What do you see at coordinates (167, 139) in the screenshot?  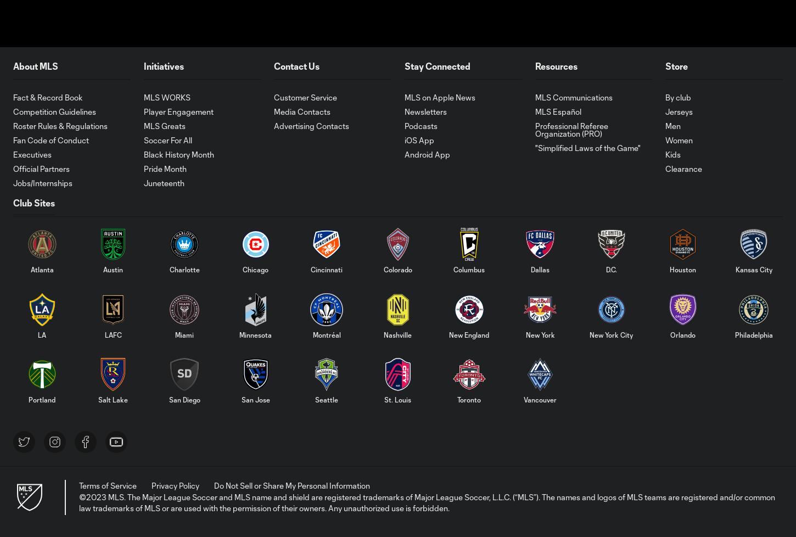 I see `'Soccer For All'` at bounding box center [167, 139].